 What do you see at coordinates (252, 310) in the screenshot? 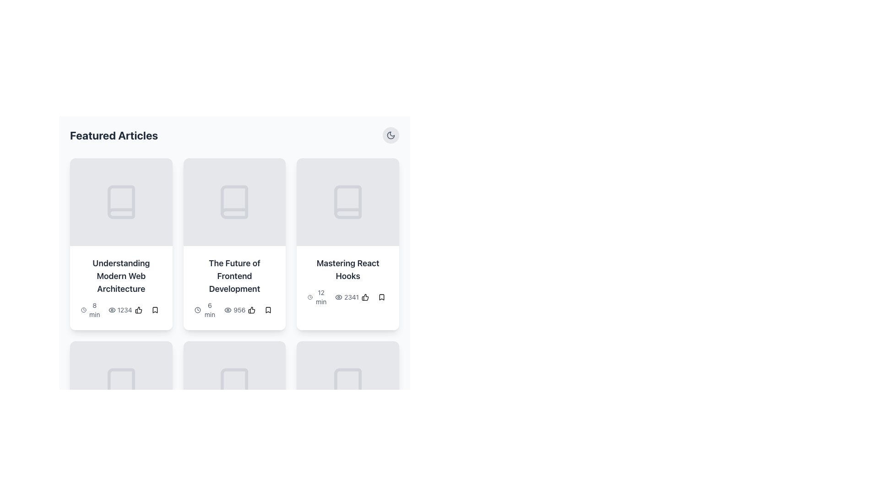
I see `the thumbs-up icon located in the top right corner of the card for 'The Future of Frontend Development', which serves as a graphical indicator for user interactions such as 'like' functionality` at bounding box center [252, 310].